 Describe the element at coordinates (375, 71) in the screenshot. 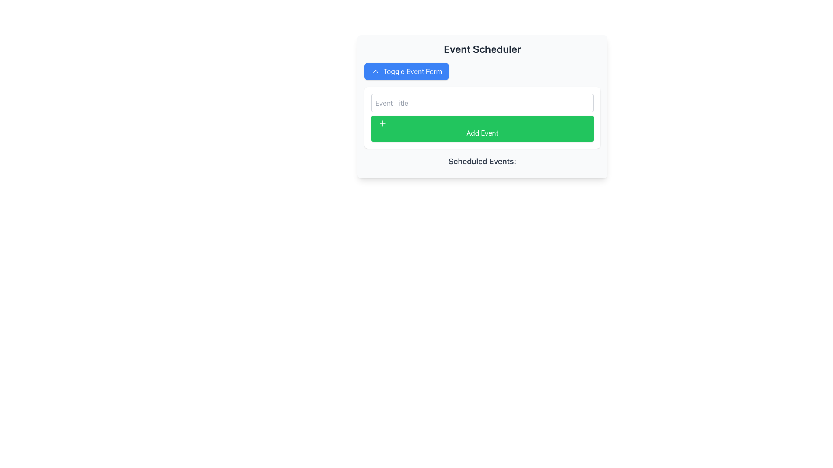

I see `the upward action icon located to the left side of the 'Toggle Event Form' button in the upper-left area of the Event Scheduler panel` at that location.